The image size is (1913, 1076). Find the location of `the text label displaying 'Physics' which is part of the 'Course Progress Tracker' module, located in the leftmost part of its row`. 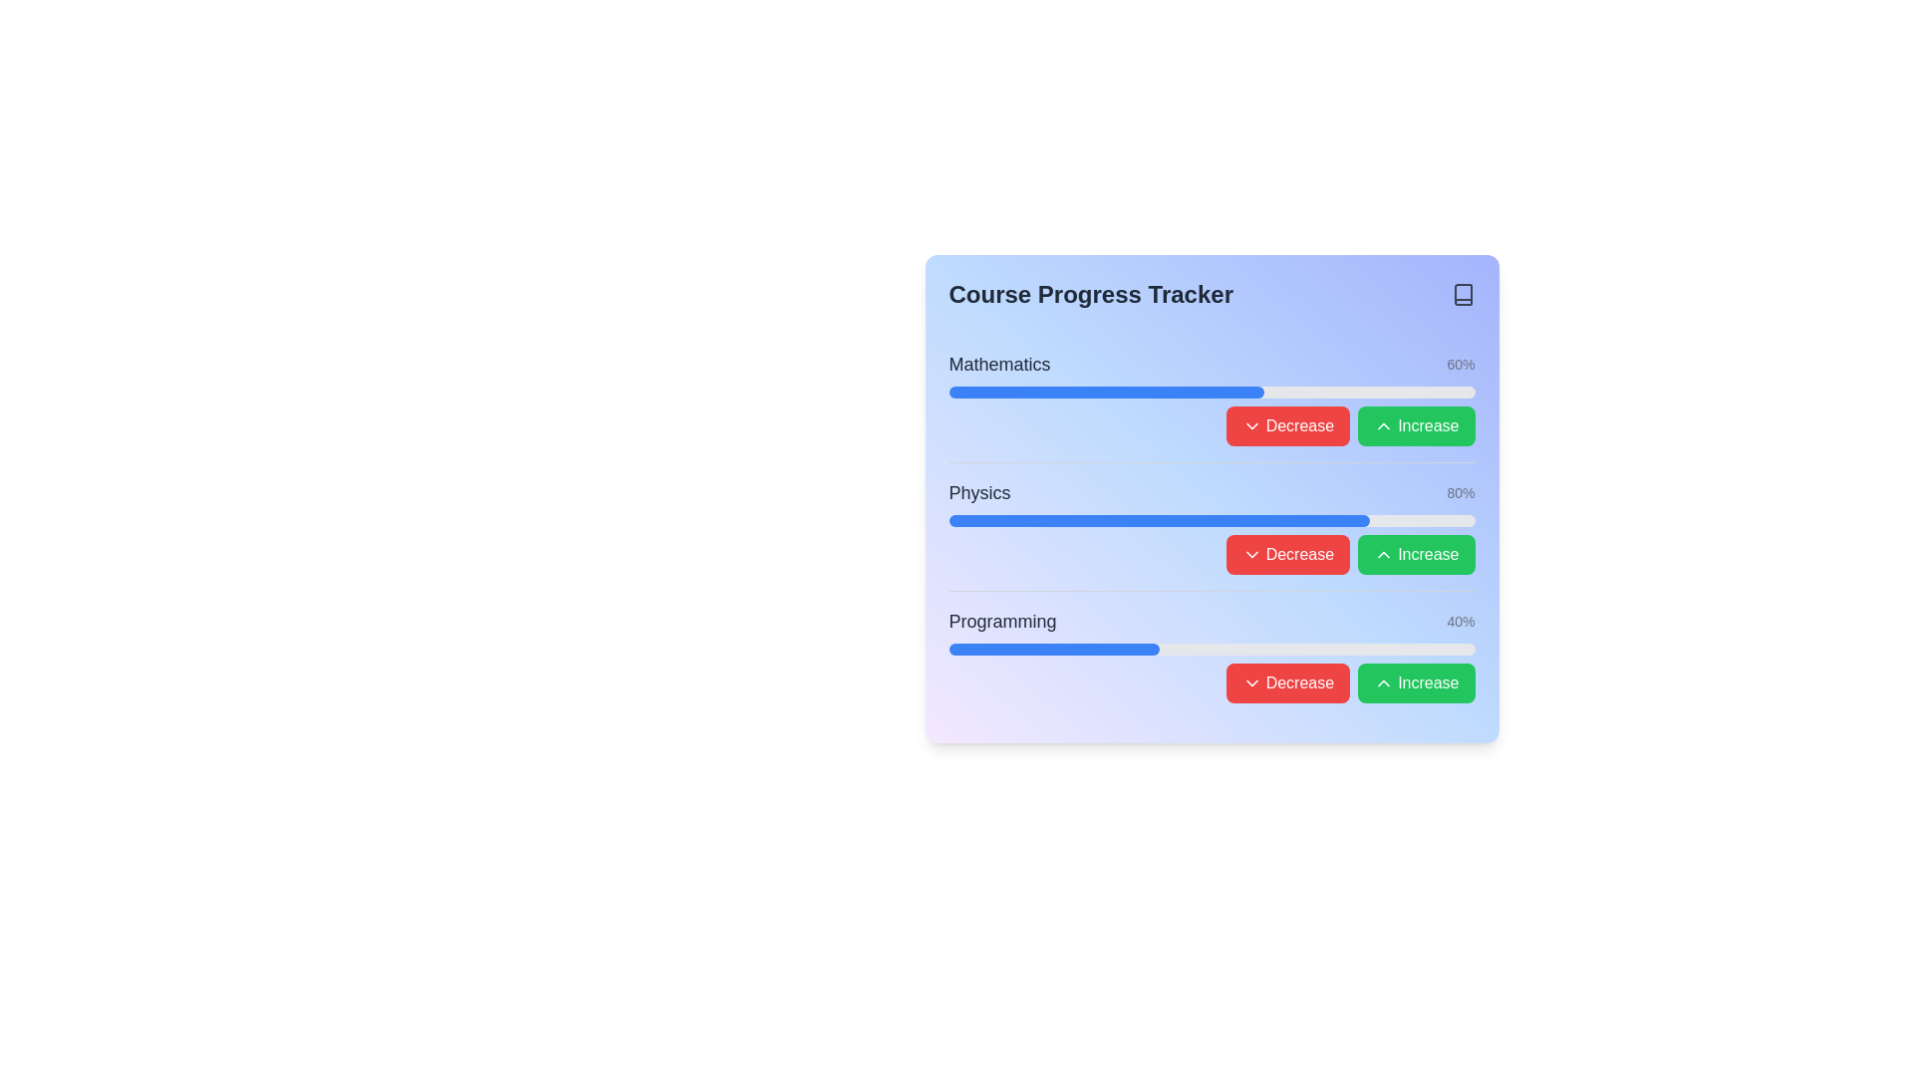

the text label displaying 'Physics' which is part of the 'Course Progress Tracker' module, located in the leftmost part of its row is located at coordinates (979, 492).